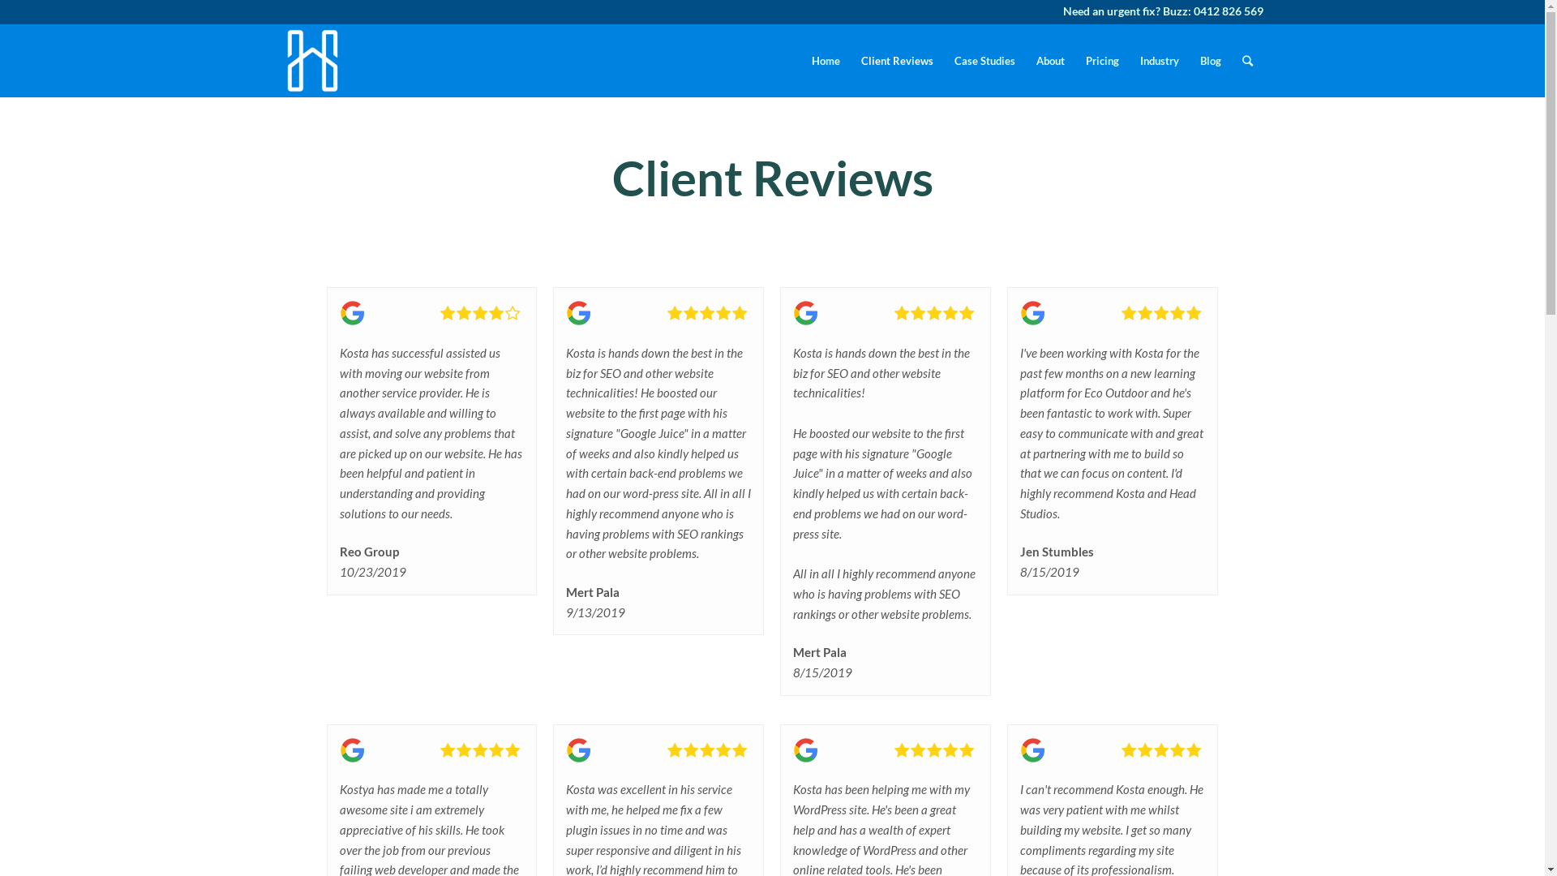 This screenshot has width=1557, height=876. Describe the element at coordinates (801, 59) in the screenshot. I see `'Home'` at that location.